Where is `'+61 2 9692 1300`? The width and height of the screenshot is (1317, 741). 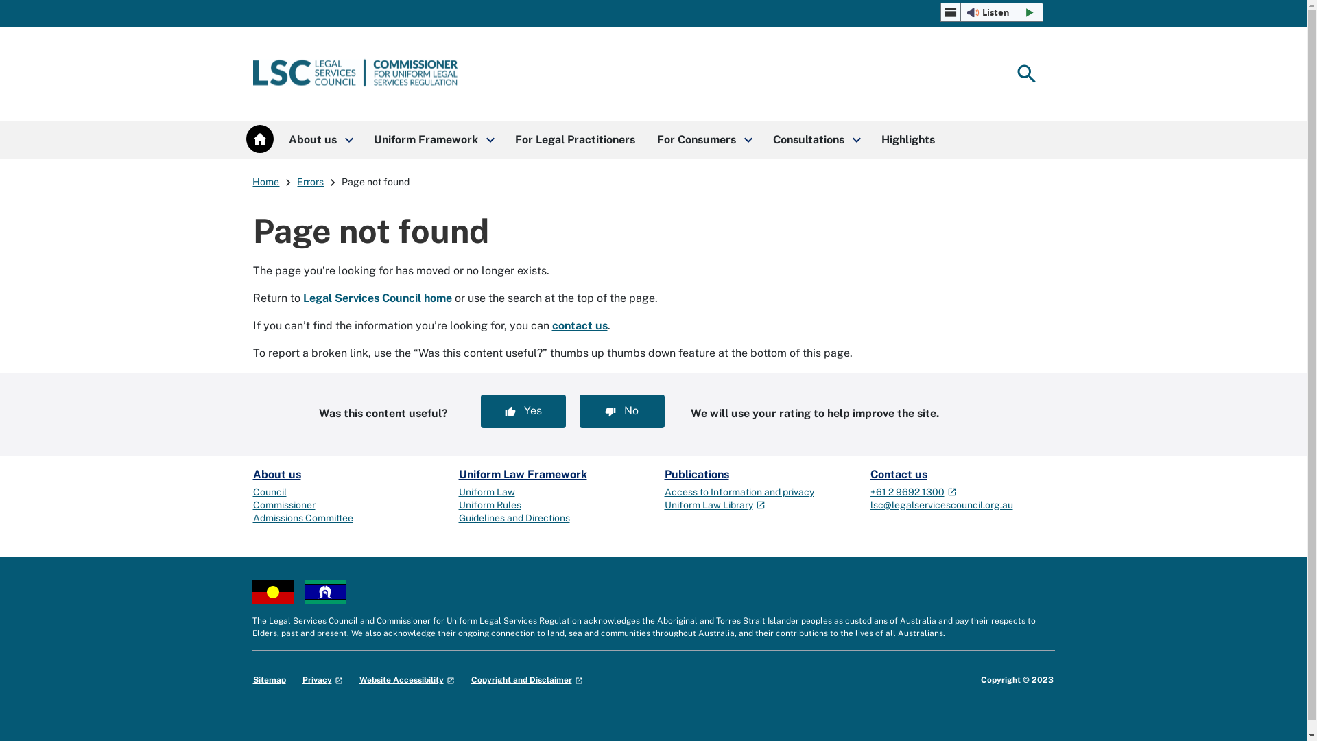
'+61 2 9692 1300 is located at coordinates (868, 491).